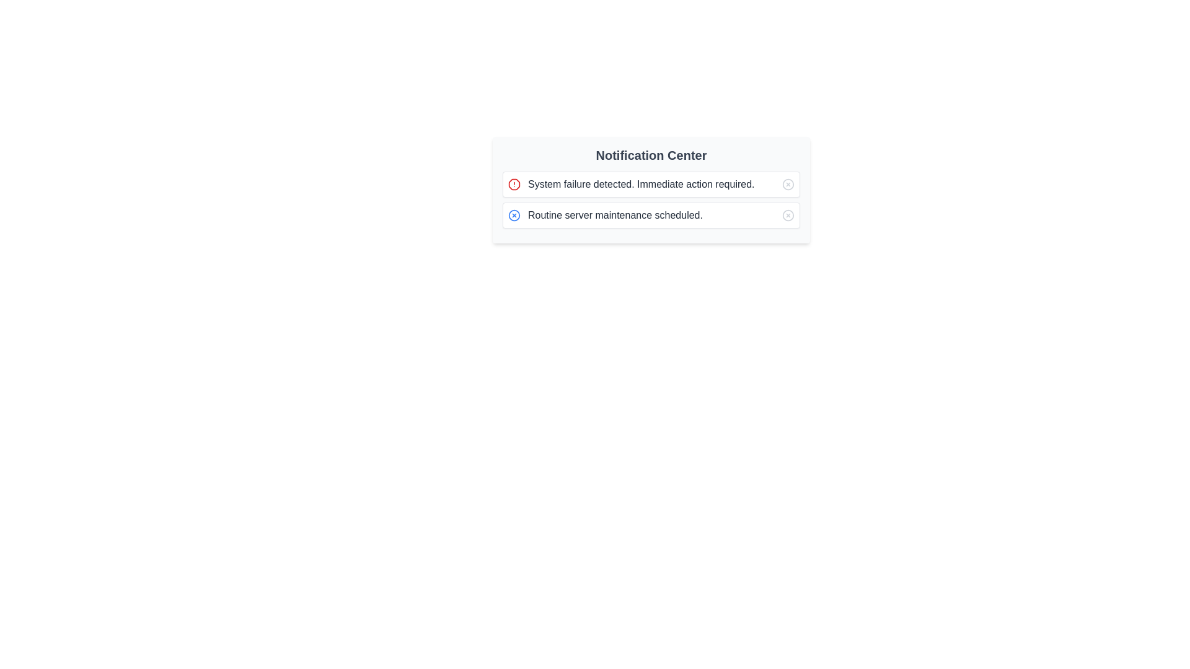 This screenshot has height=669, width=1190. Describe the element at coordinates (631, 184) in the screenshot. I see `the first notification message in the notification center that alerts the user about a critical system failure, which is visually distinct with an icon and positioned above the routine maintenance notification` at that location.